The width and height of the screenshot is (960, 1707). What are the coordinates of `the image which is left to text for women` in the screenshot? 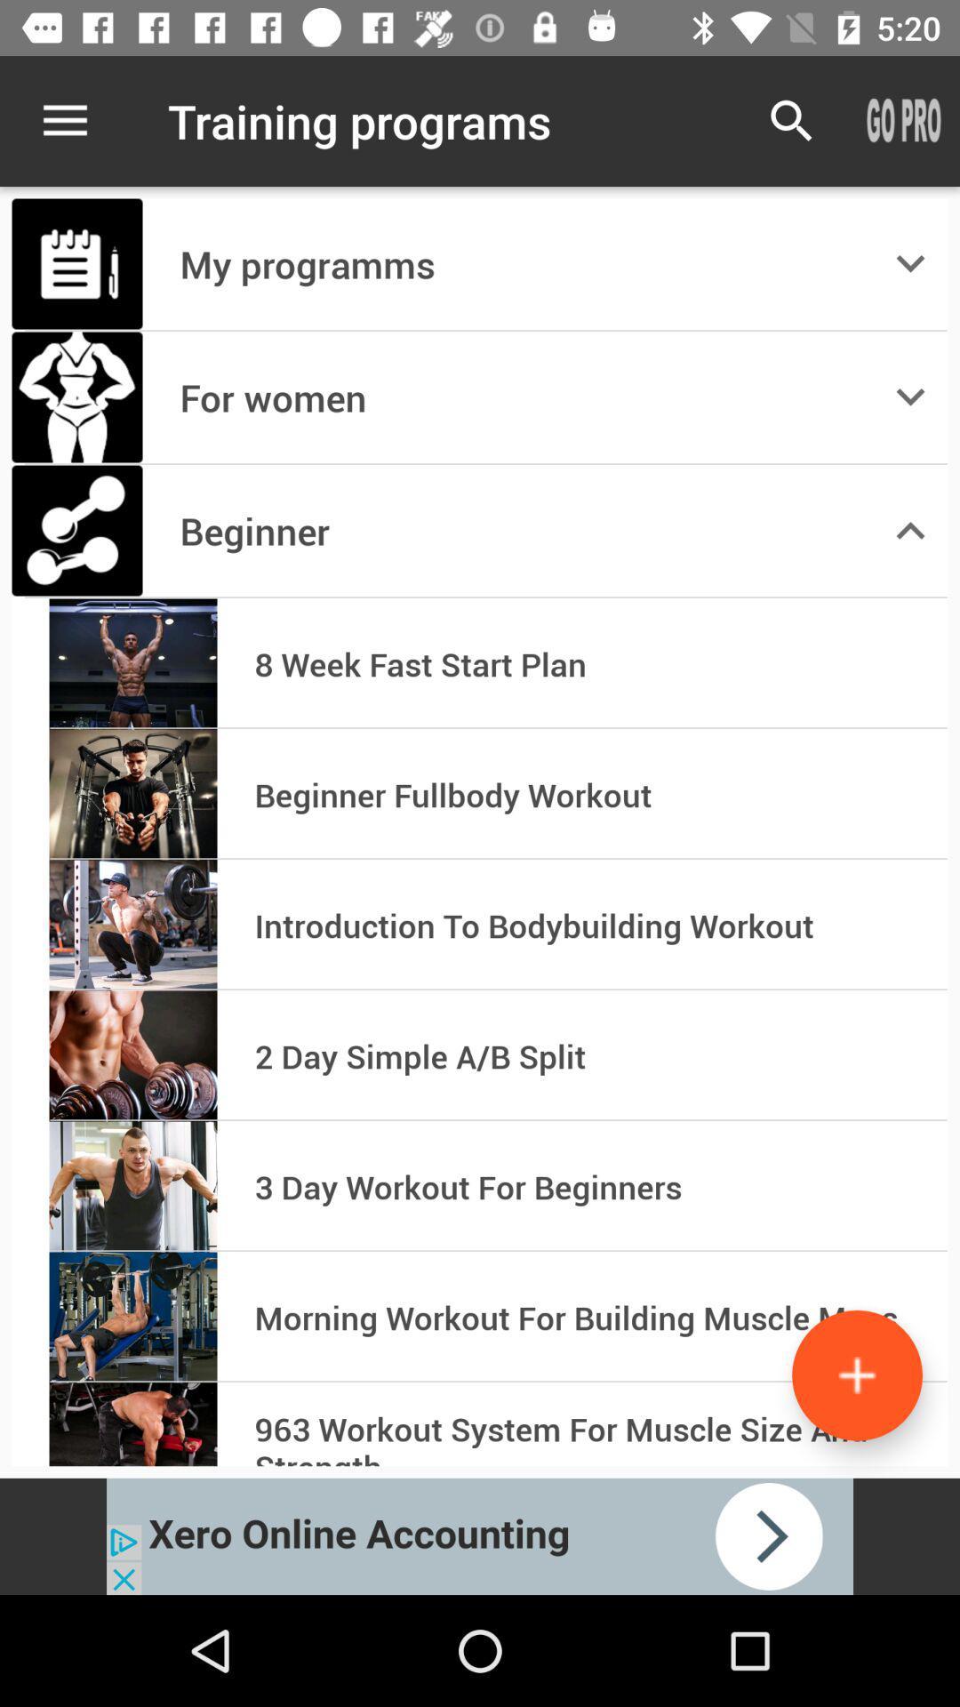 It's located at (76, 397).